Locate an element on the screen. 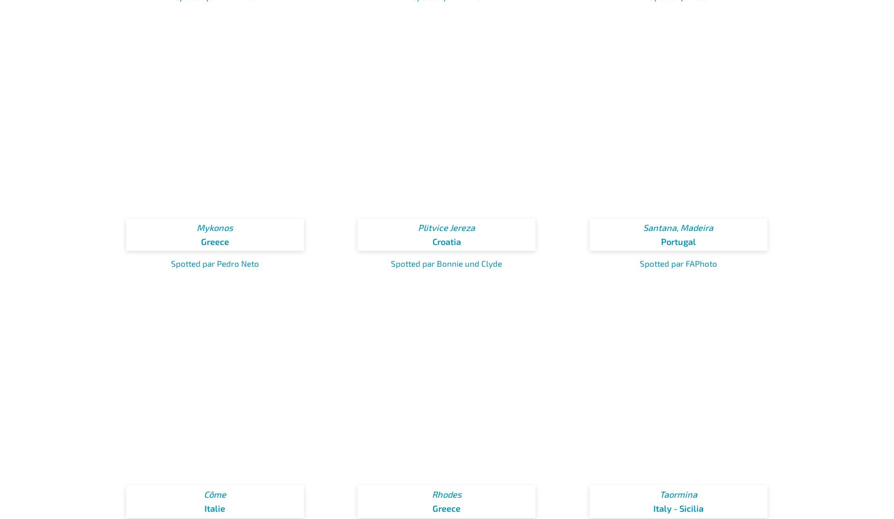 The image size is (894, 519). 'Côme' is located at coordinates (214, 494).